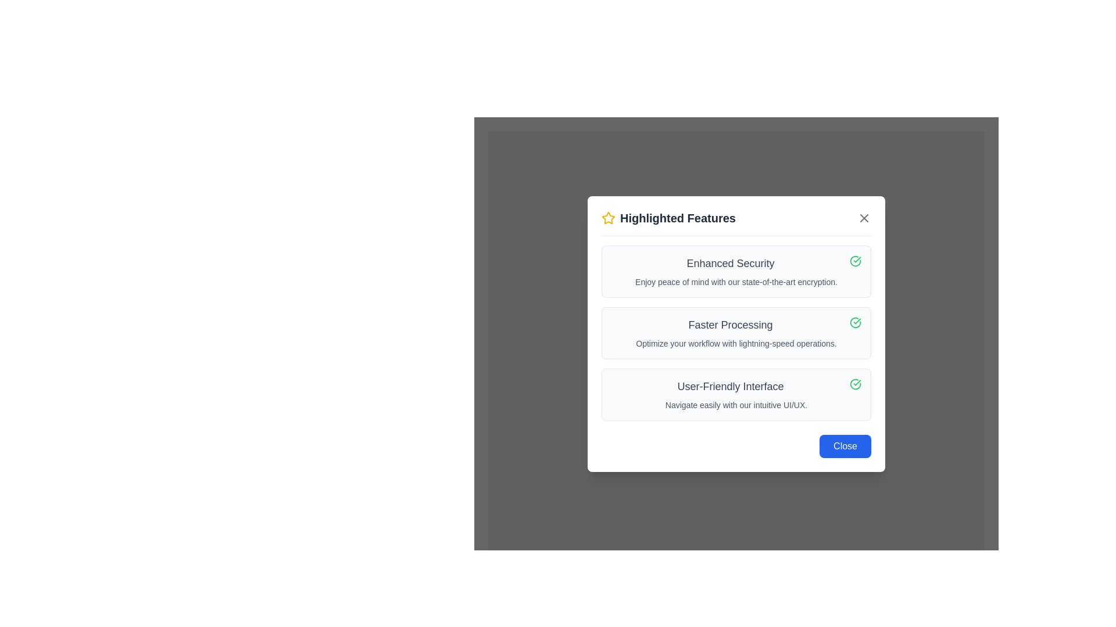 This screenshot has width=1116, height=627. What do you see at coordinates (736, 271) in the screenshot?
I see `the 'Enhanced Security' card element with a light gray background that features a bold headline and a green checkmark icon, located at the top of the 'Highlighted Features' modal` at bounding box center [736, 271].